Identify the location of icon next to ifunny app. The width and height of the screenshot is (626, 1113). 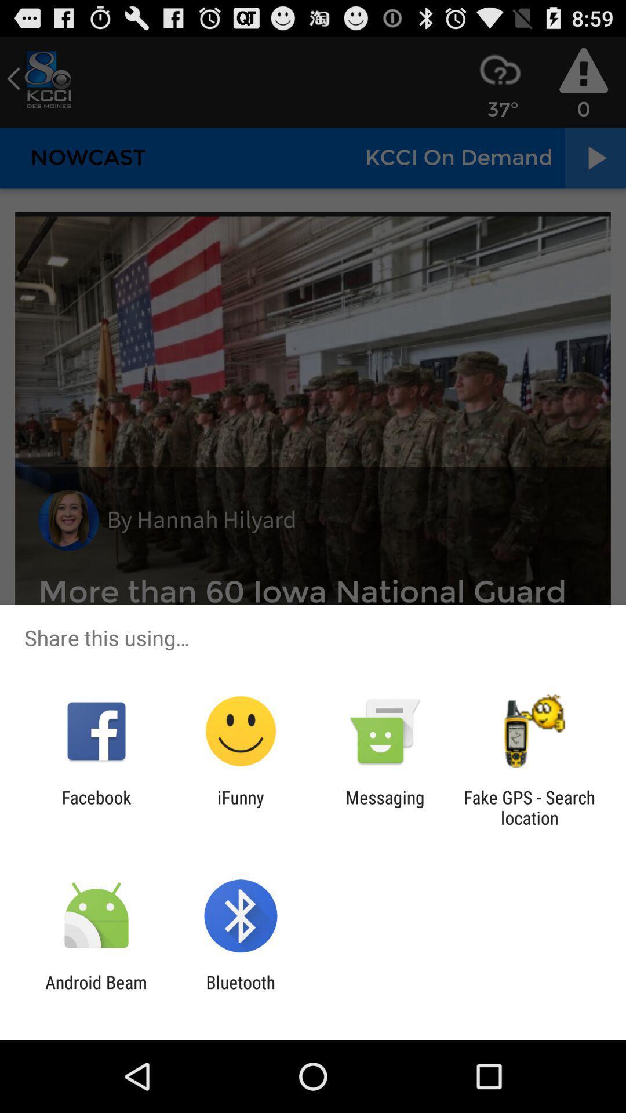
(96, 807).